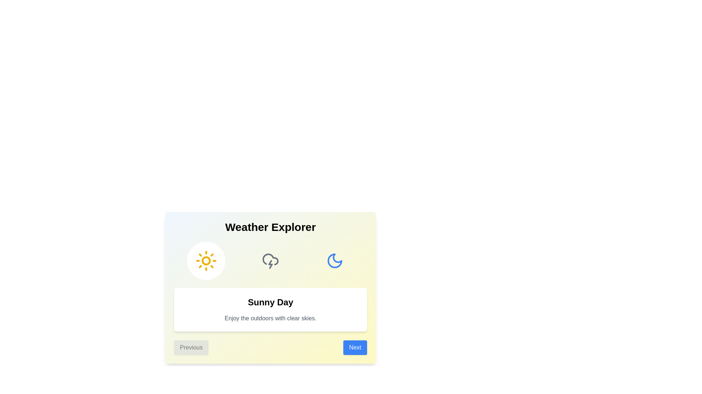 The image size is (702, 394). What do you see at coordinates (335, 260) in the screenshot?
I see `the weather icon corresponding to Night` at bounding box center [335, 260].